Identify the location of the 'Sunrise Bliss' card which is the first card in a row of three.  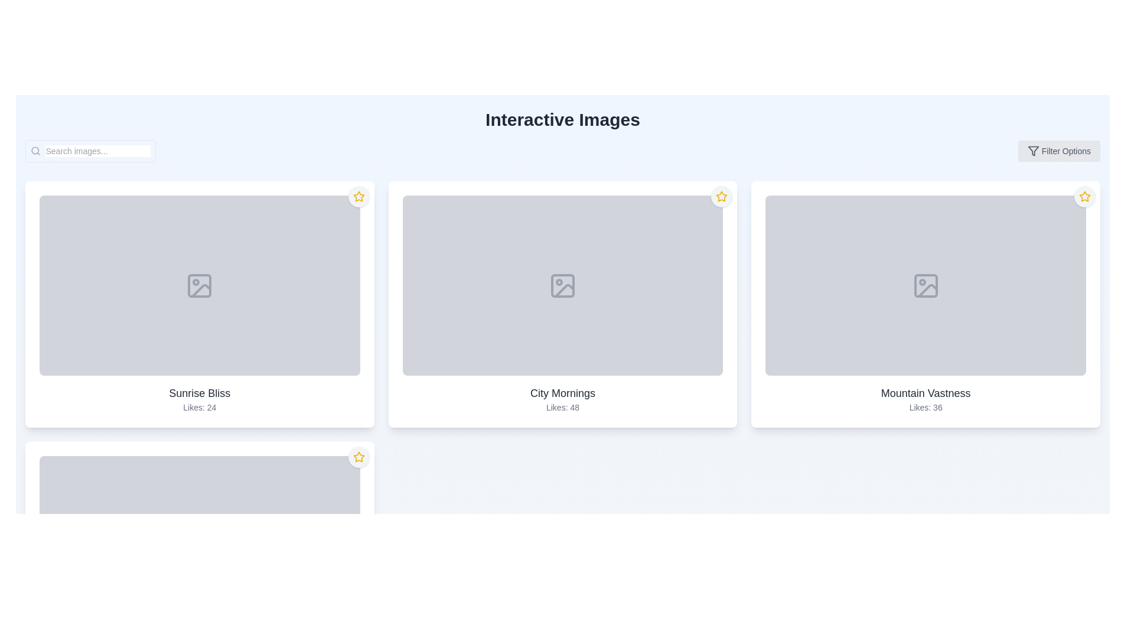
(200, 304).